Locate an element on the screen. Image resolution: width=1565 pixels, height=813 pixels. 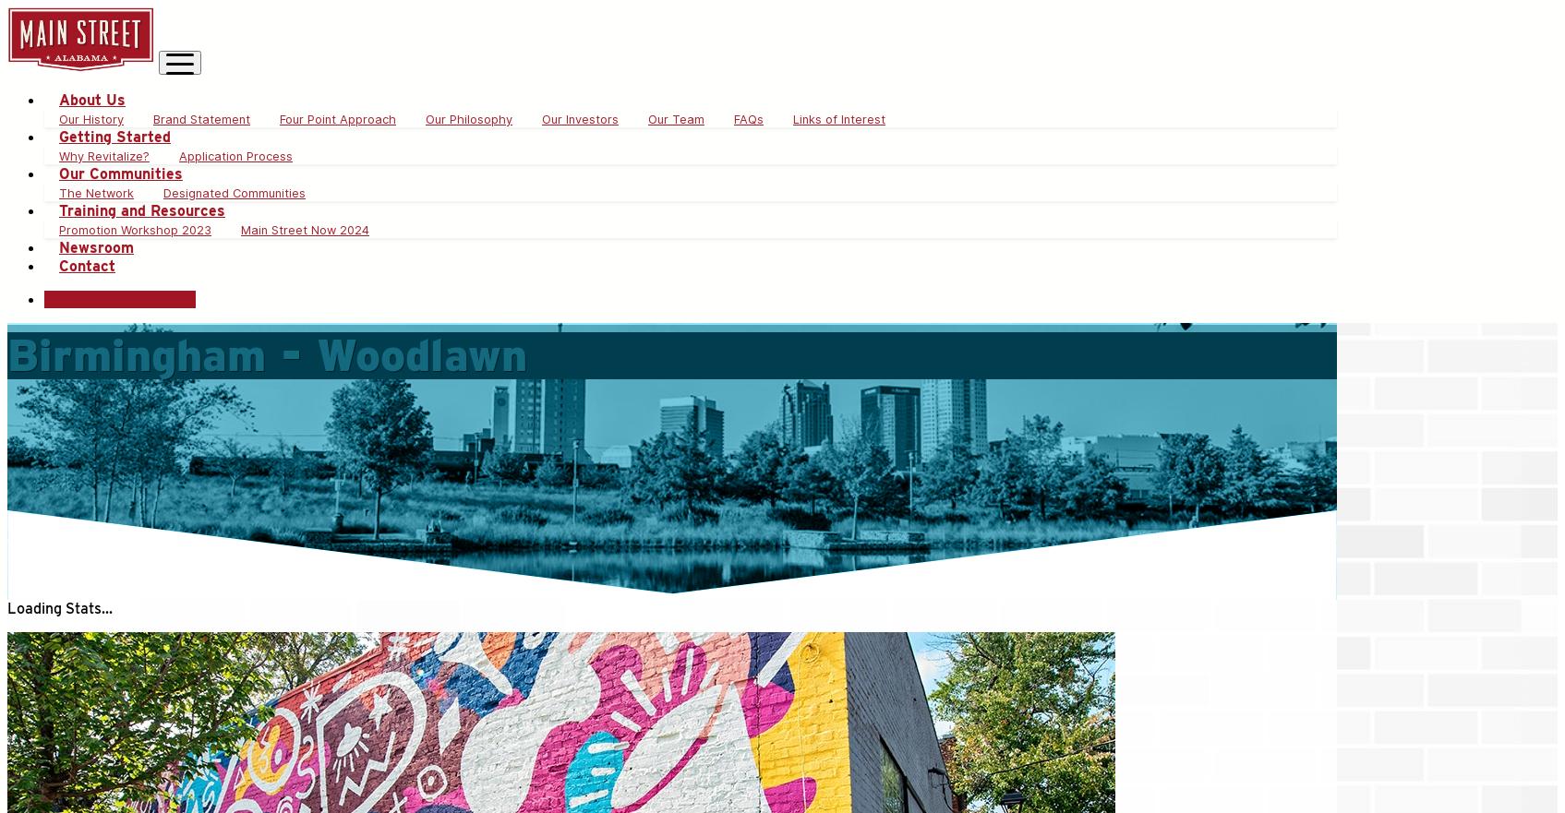
'Promotion Workshop 2023' is located at coordinates (135, 230).